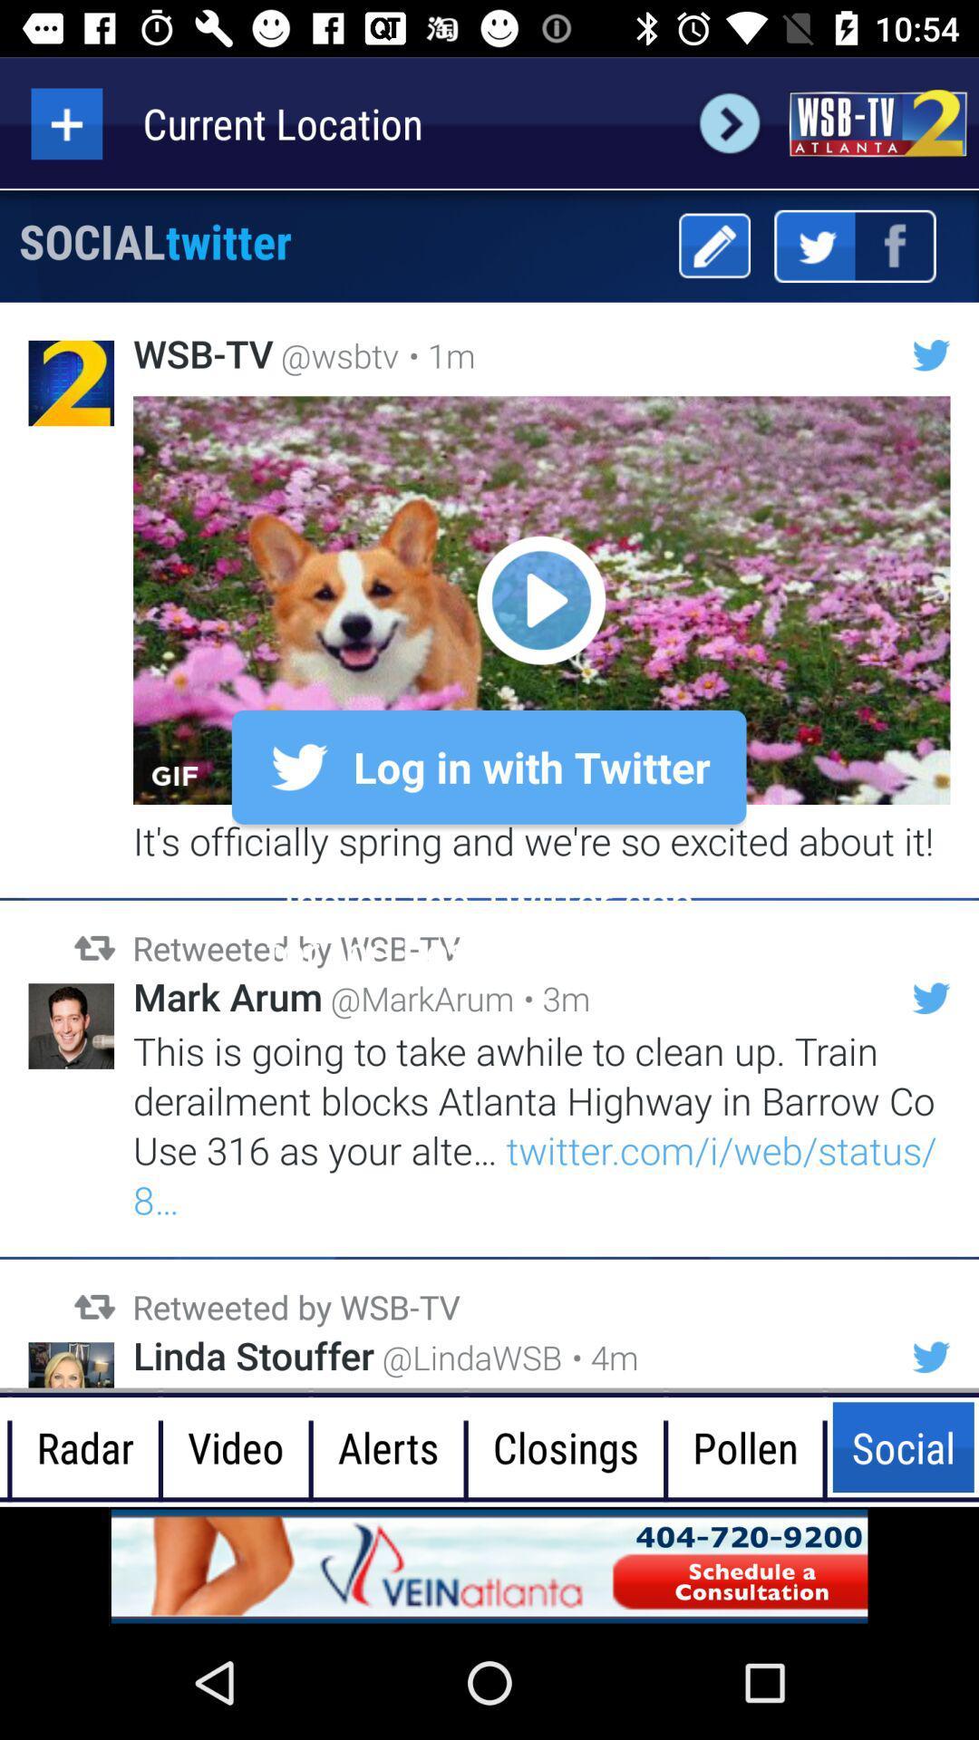  I want to click on the advertisement page, so click(489, 1565).